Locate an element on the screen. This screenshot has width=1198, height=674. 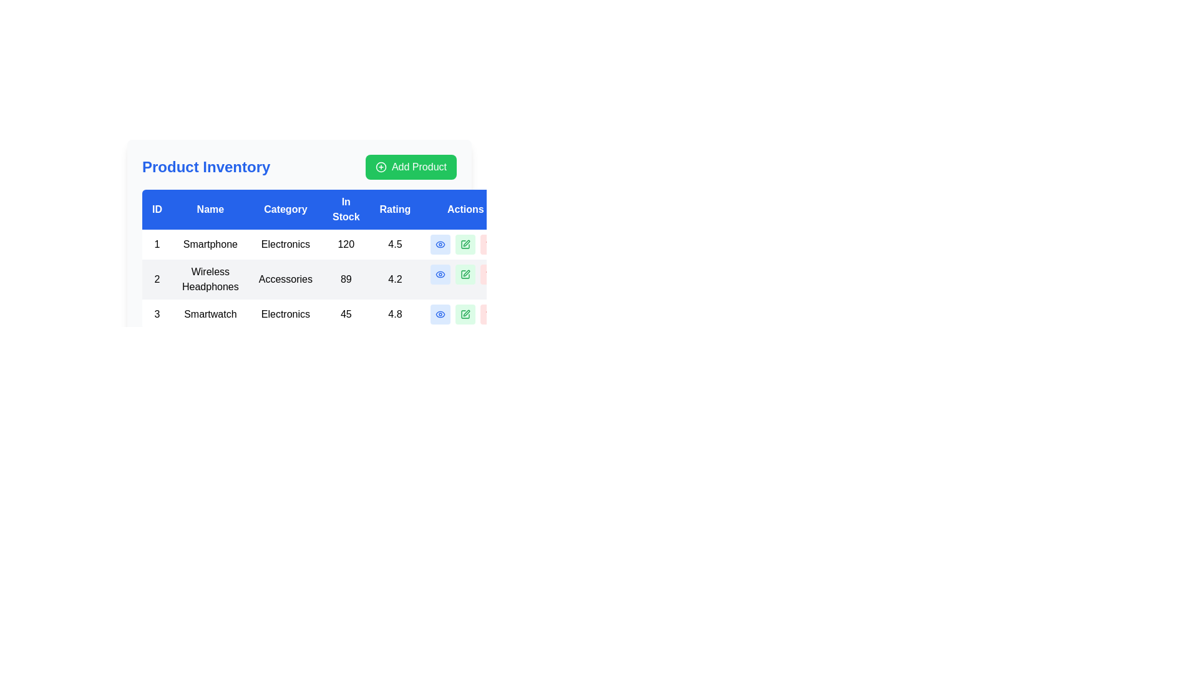
the static table cell displaying the numeral '2', which serves as an identifier for the row in the ID column of the table is located at coordinates (157, 278).